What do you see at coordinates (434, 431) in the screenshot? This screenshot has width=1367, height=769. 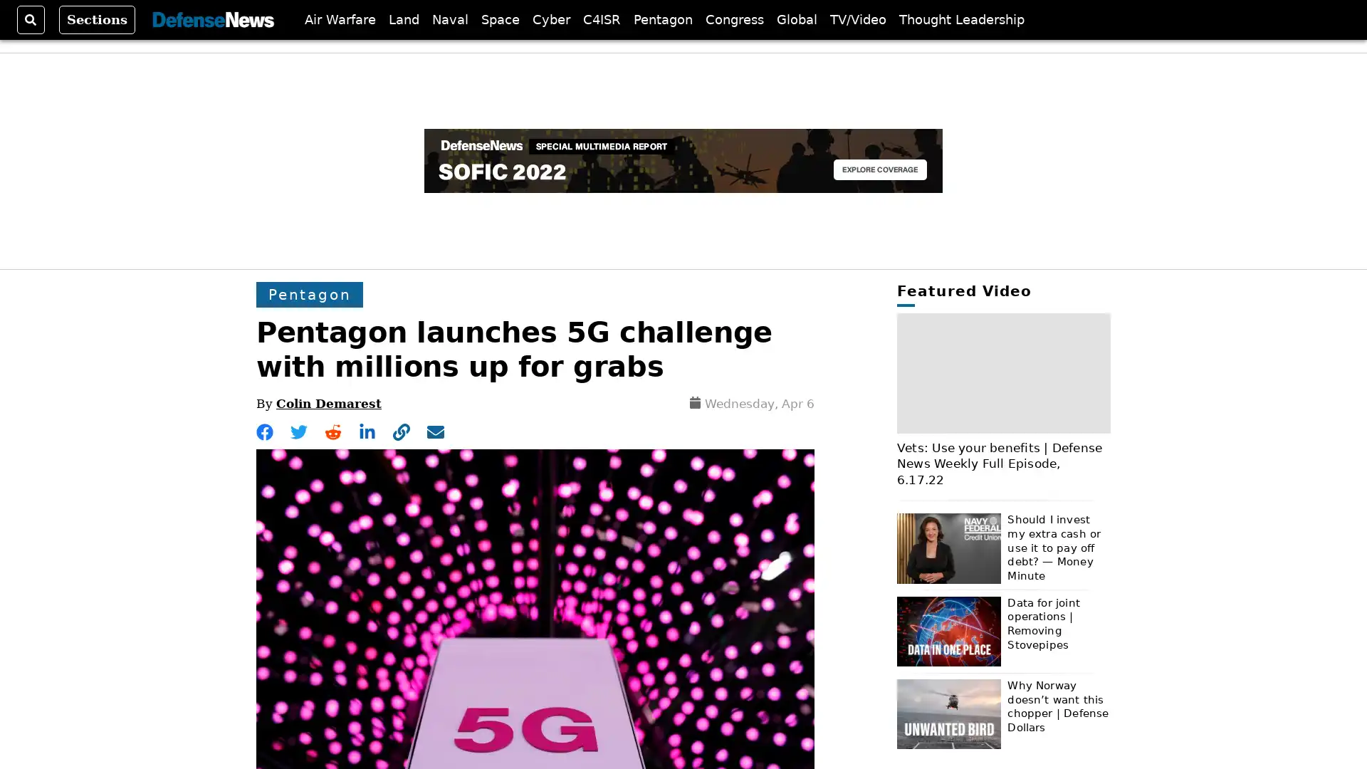 I see `email` at bounding box center [434, 431].